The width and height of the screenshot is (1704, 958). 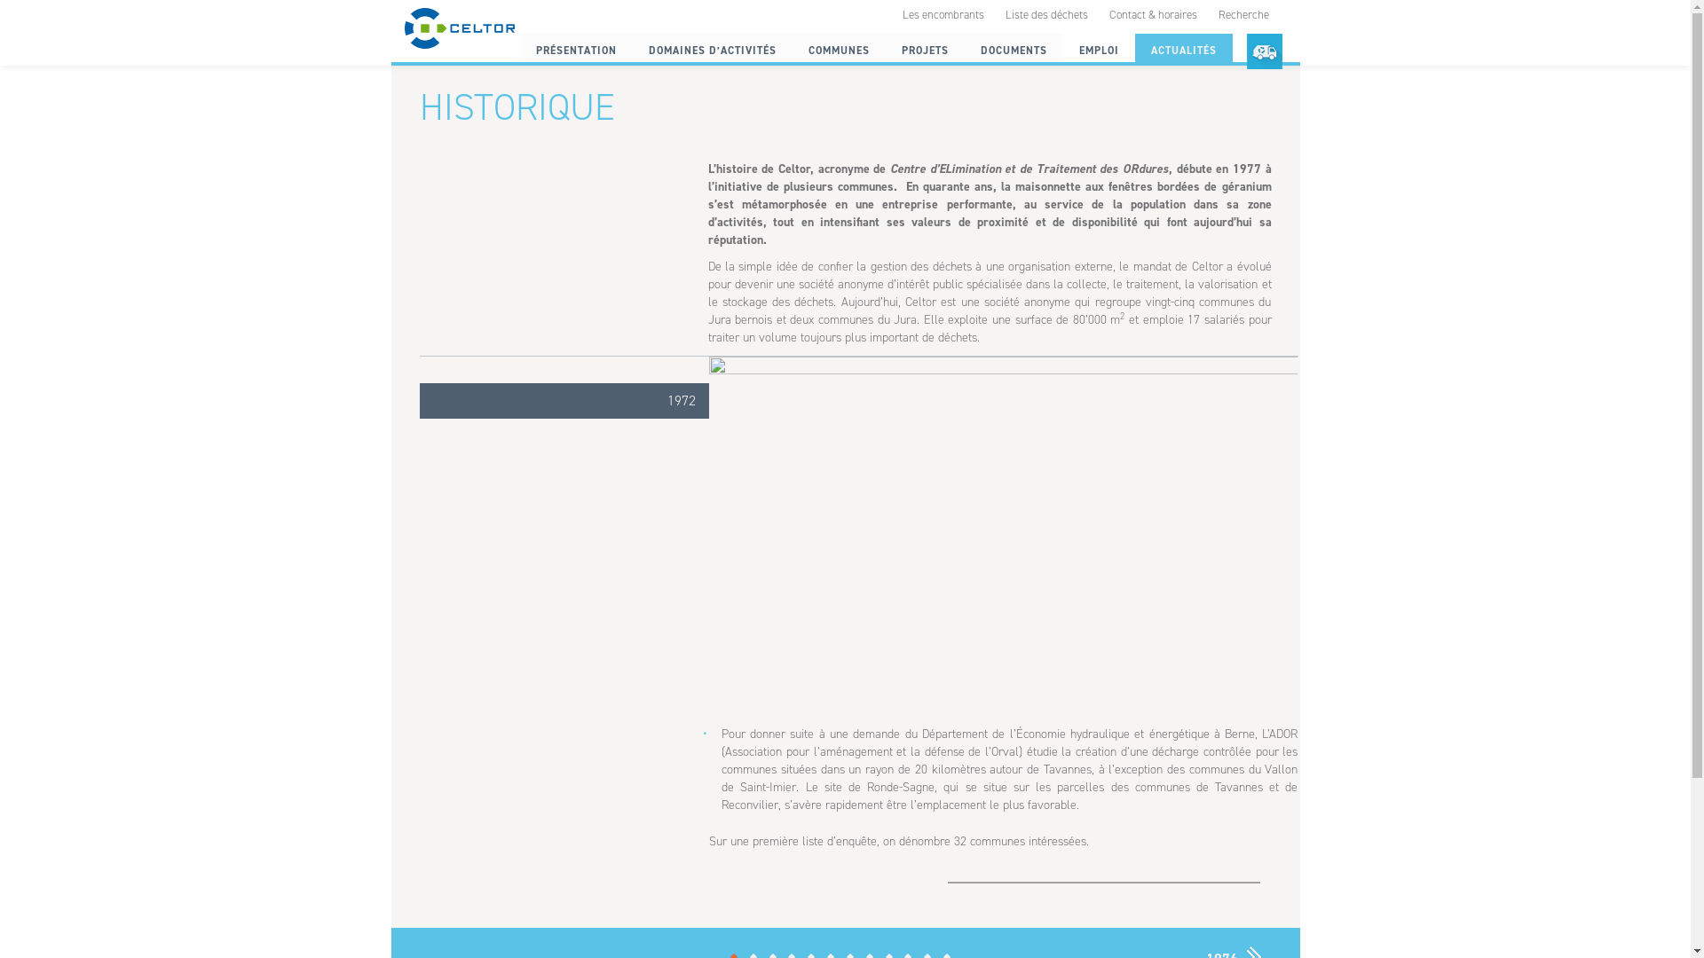 I want to click on 'DOCUMENTS', so click(x=1013, y=50).